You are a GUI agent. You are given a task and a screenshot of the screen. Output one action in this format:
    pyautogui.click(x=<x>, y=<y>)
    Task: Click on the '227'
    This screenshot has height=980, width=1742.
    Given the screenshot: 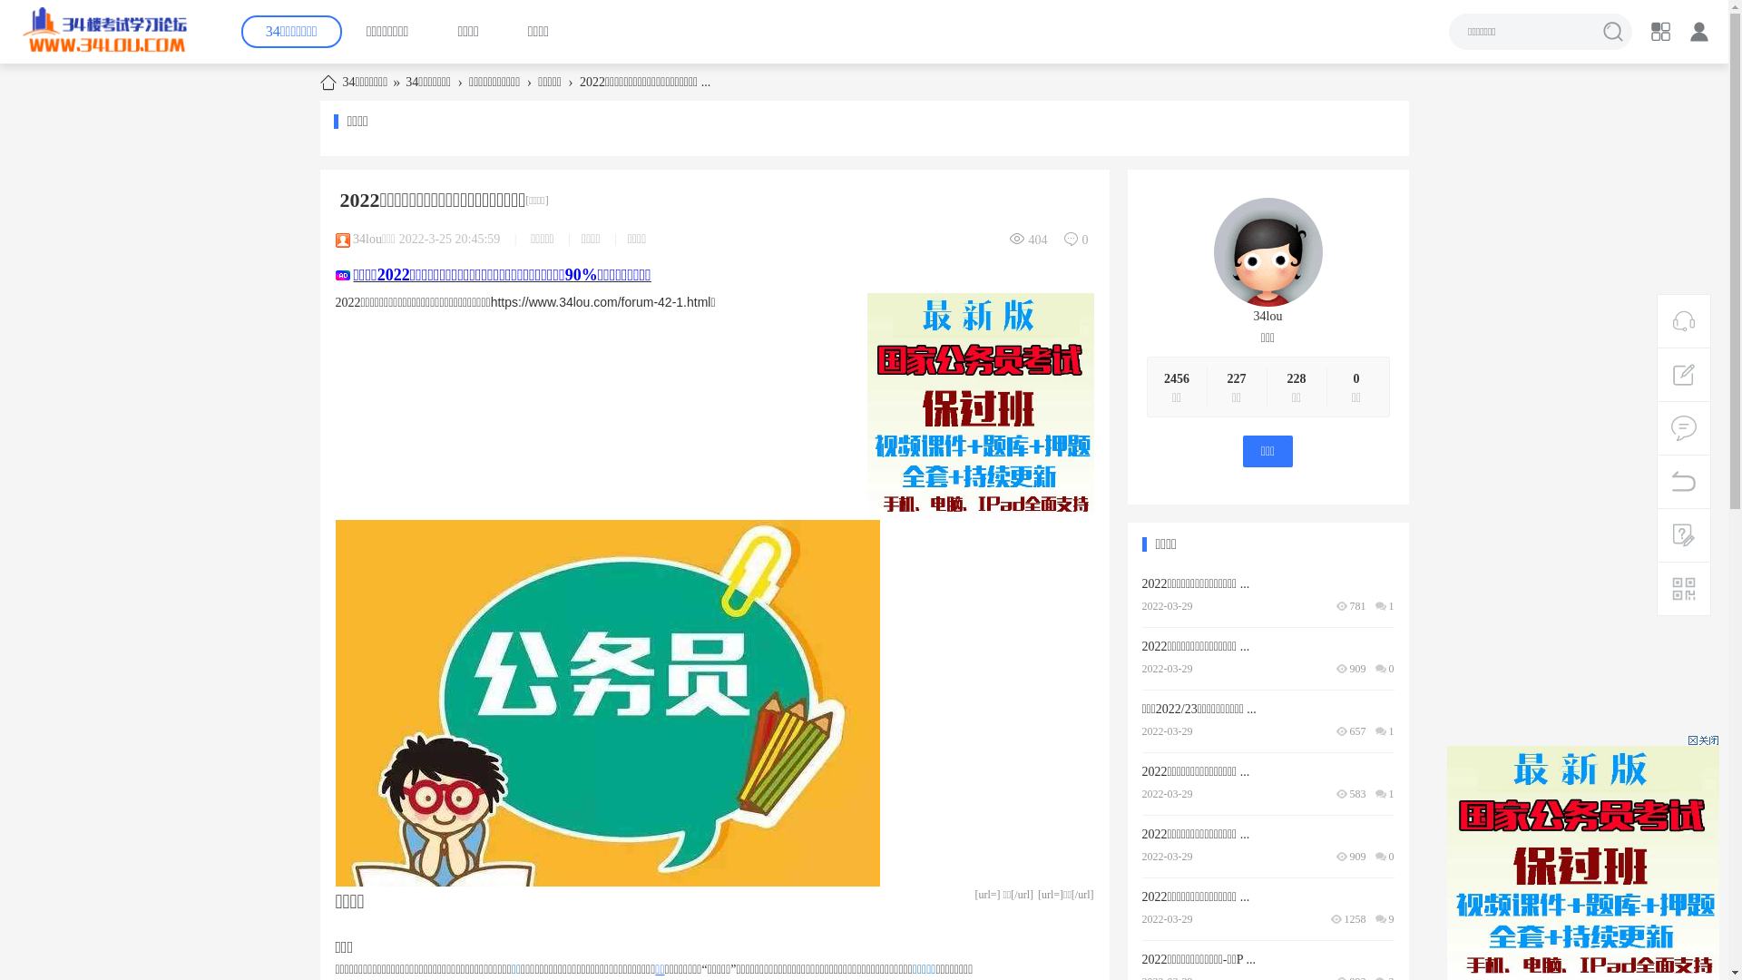 What is the action you would take?
    pyautogui.click(x=1227, y=377)
    